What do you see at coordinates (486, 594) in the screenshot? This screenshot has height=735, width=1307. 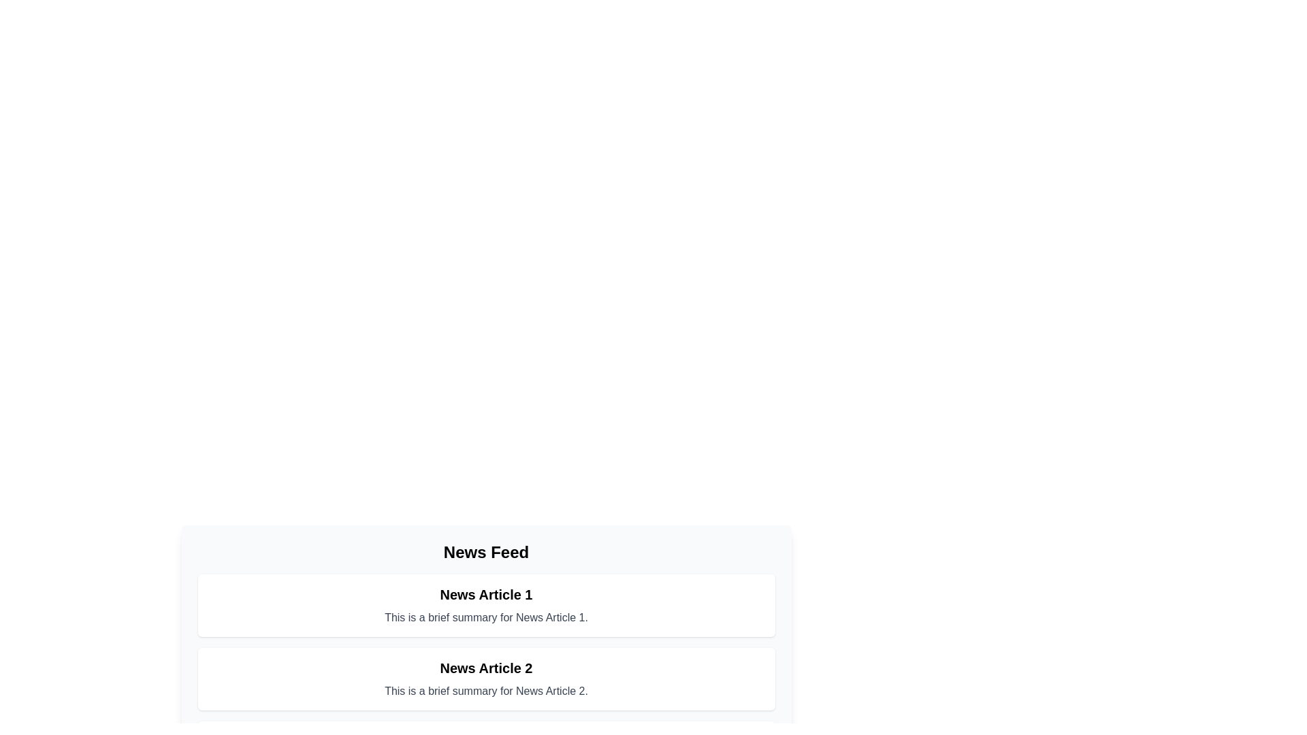 I see `bold black heading text 'News Article 1' located at the top of the first card in a vertical stack of news articles` at bounding box center [486, 594].